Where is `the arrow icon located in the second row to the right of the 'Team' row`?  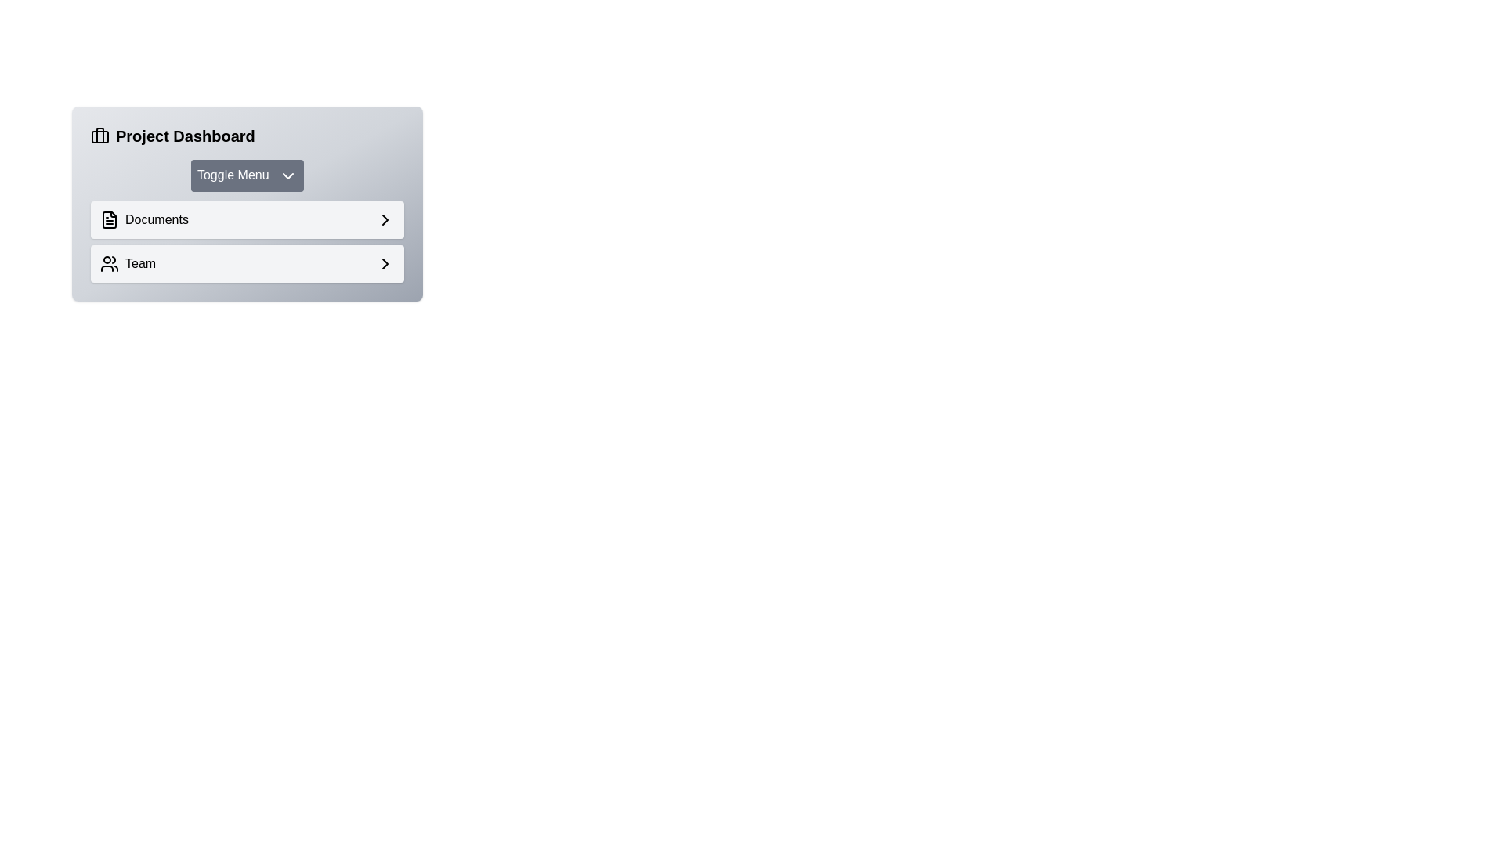
the arrow icon located in the second row to the right of the 'Team' row is located at coordinates (385, 219).